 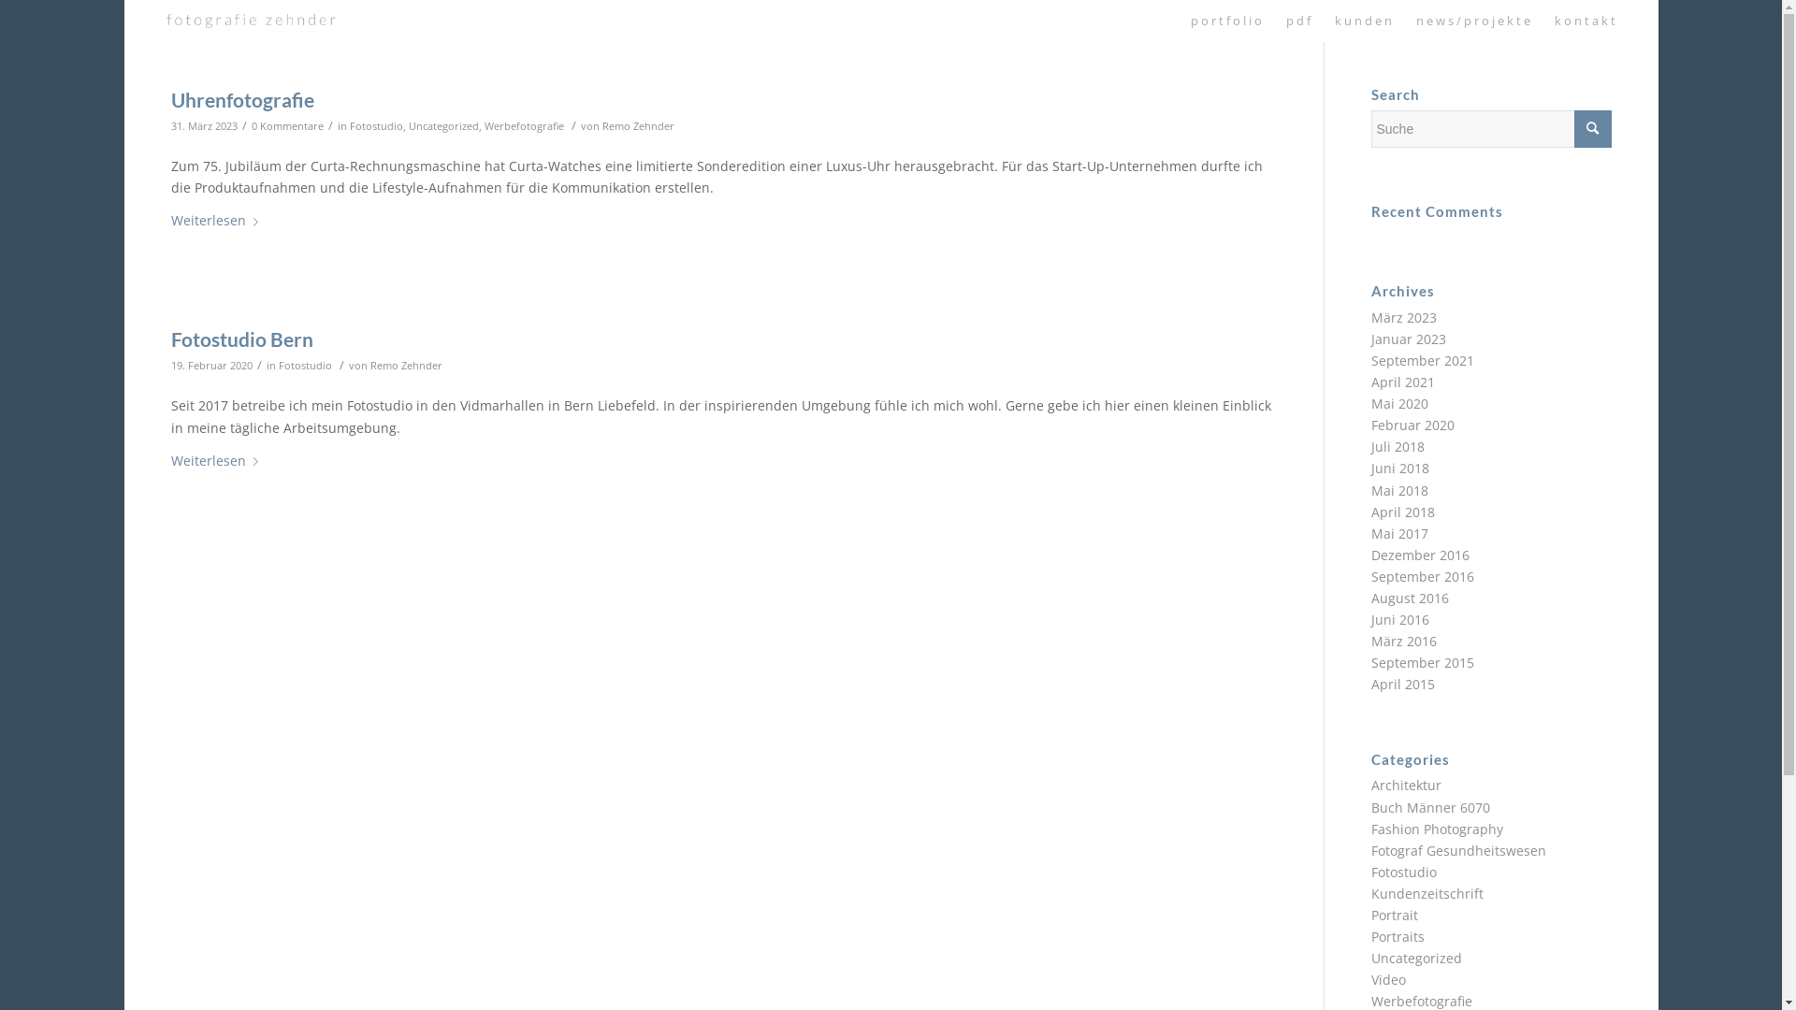 What do you see at coordinates (405, 365) in the screenshot?
I see `'Remo Zehnder'` at bounding box center [405, 365].